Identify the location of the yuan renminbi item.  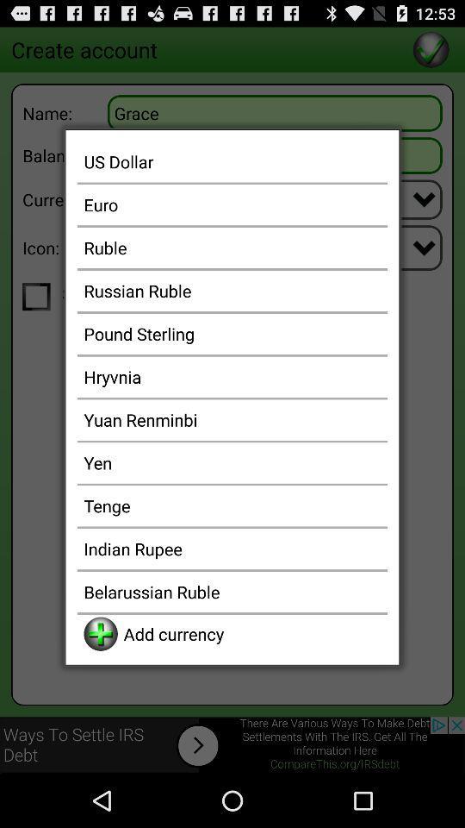
(232, 418).